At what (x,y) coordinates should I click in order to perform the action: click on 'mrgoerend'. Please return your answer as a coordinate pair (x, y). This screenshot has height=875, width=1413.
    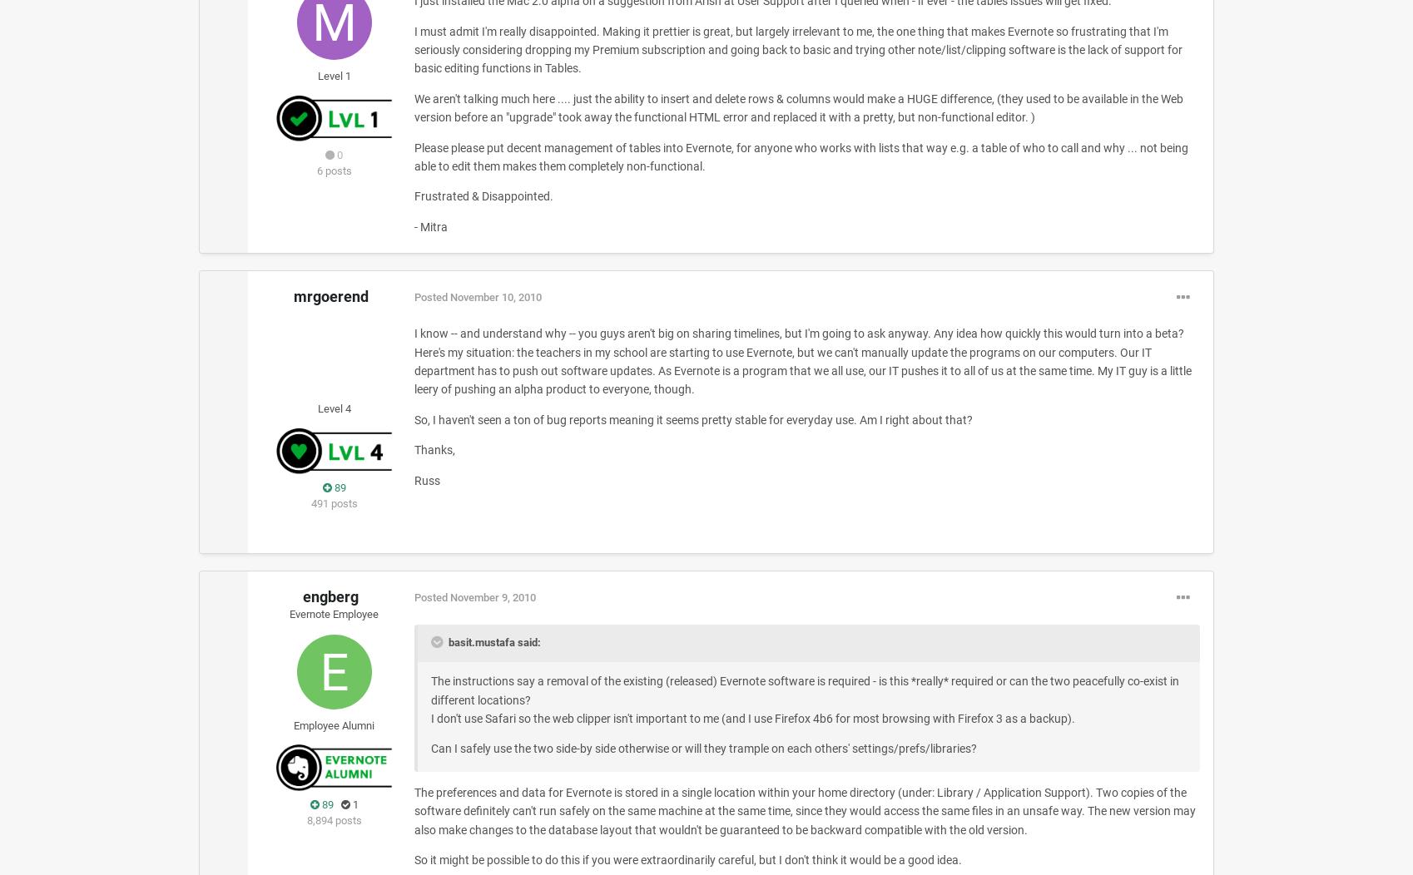
    Looking at the image, I should click on (330, 296).